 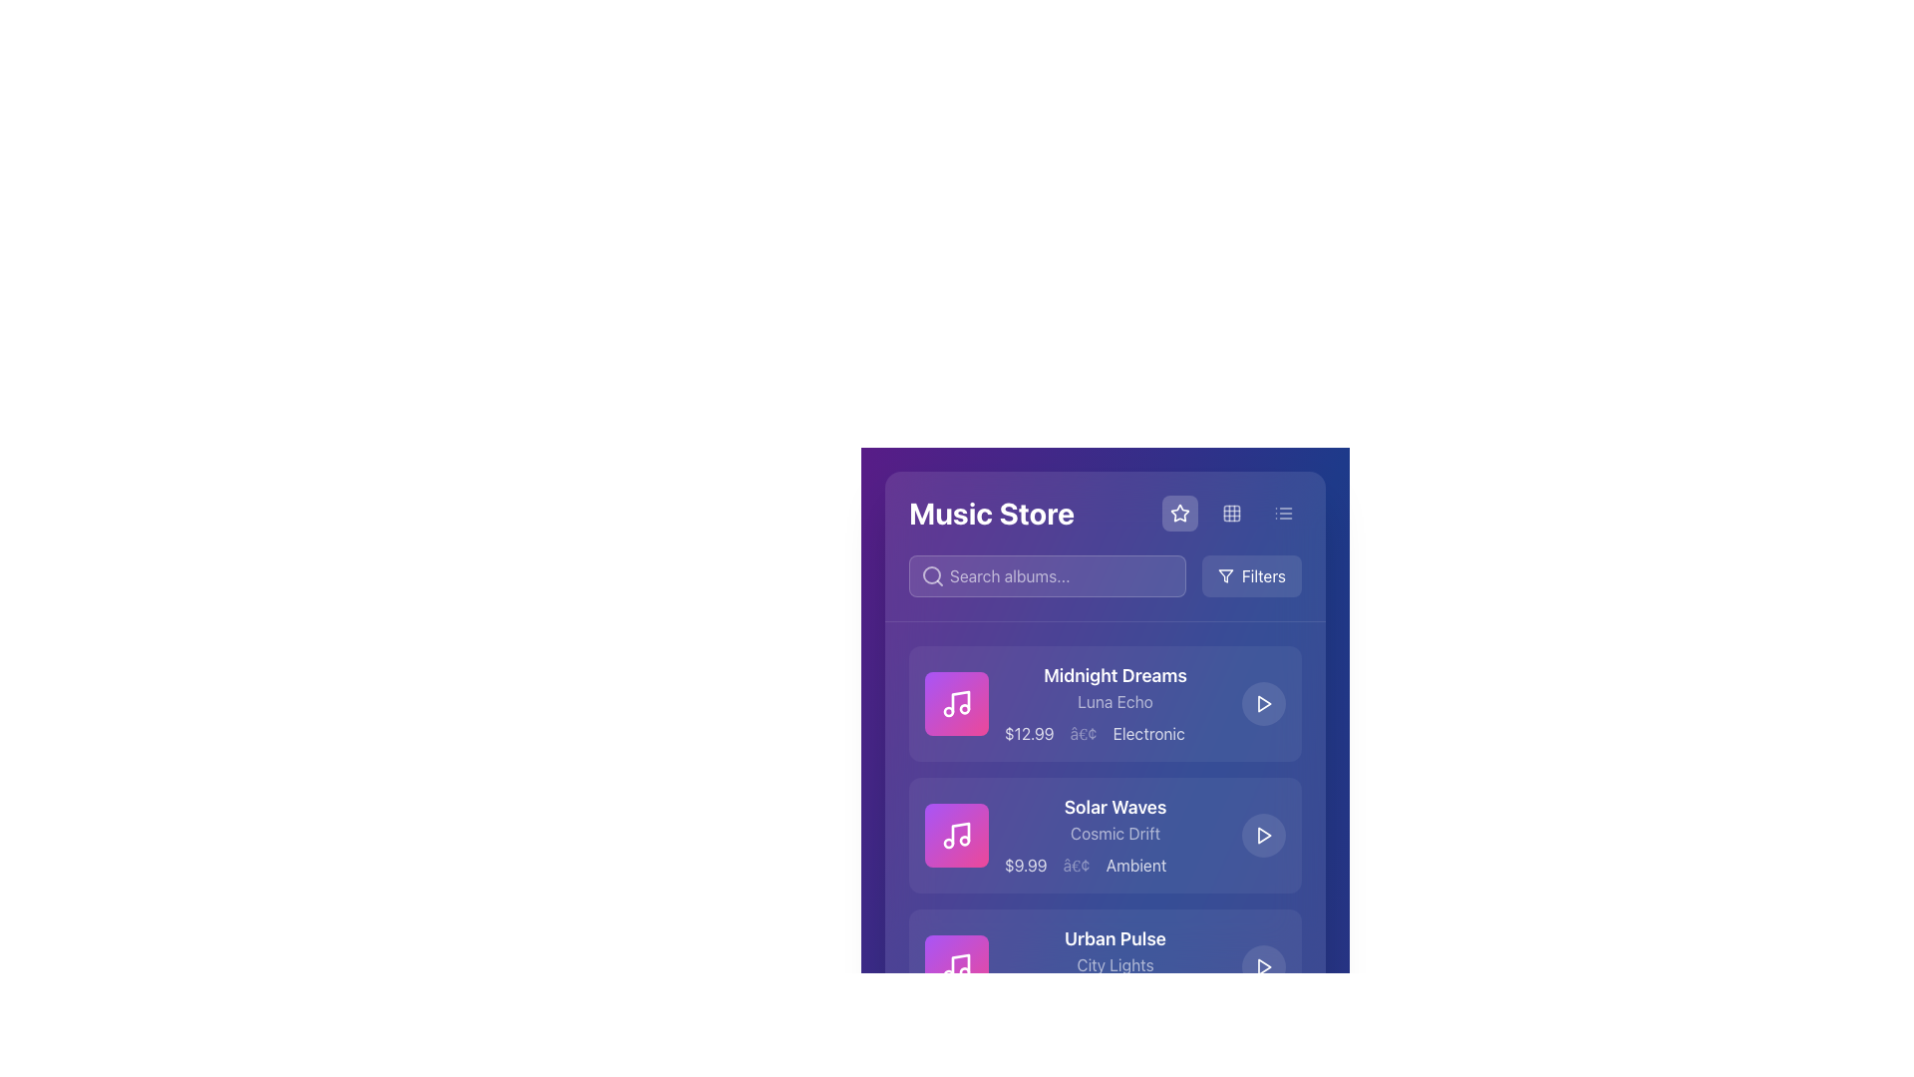 I want to click on the play button represented by a triangular graphic for the 'Urban Pulse' item in the list, so click(x=1263, y=965).